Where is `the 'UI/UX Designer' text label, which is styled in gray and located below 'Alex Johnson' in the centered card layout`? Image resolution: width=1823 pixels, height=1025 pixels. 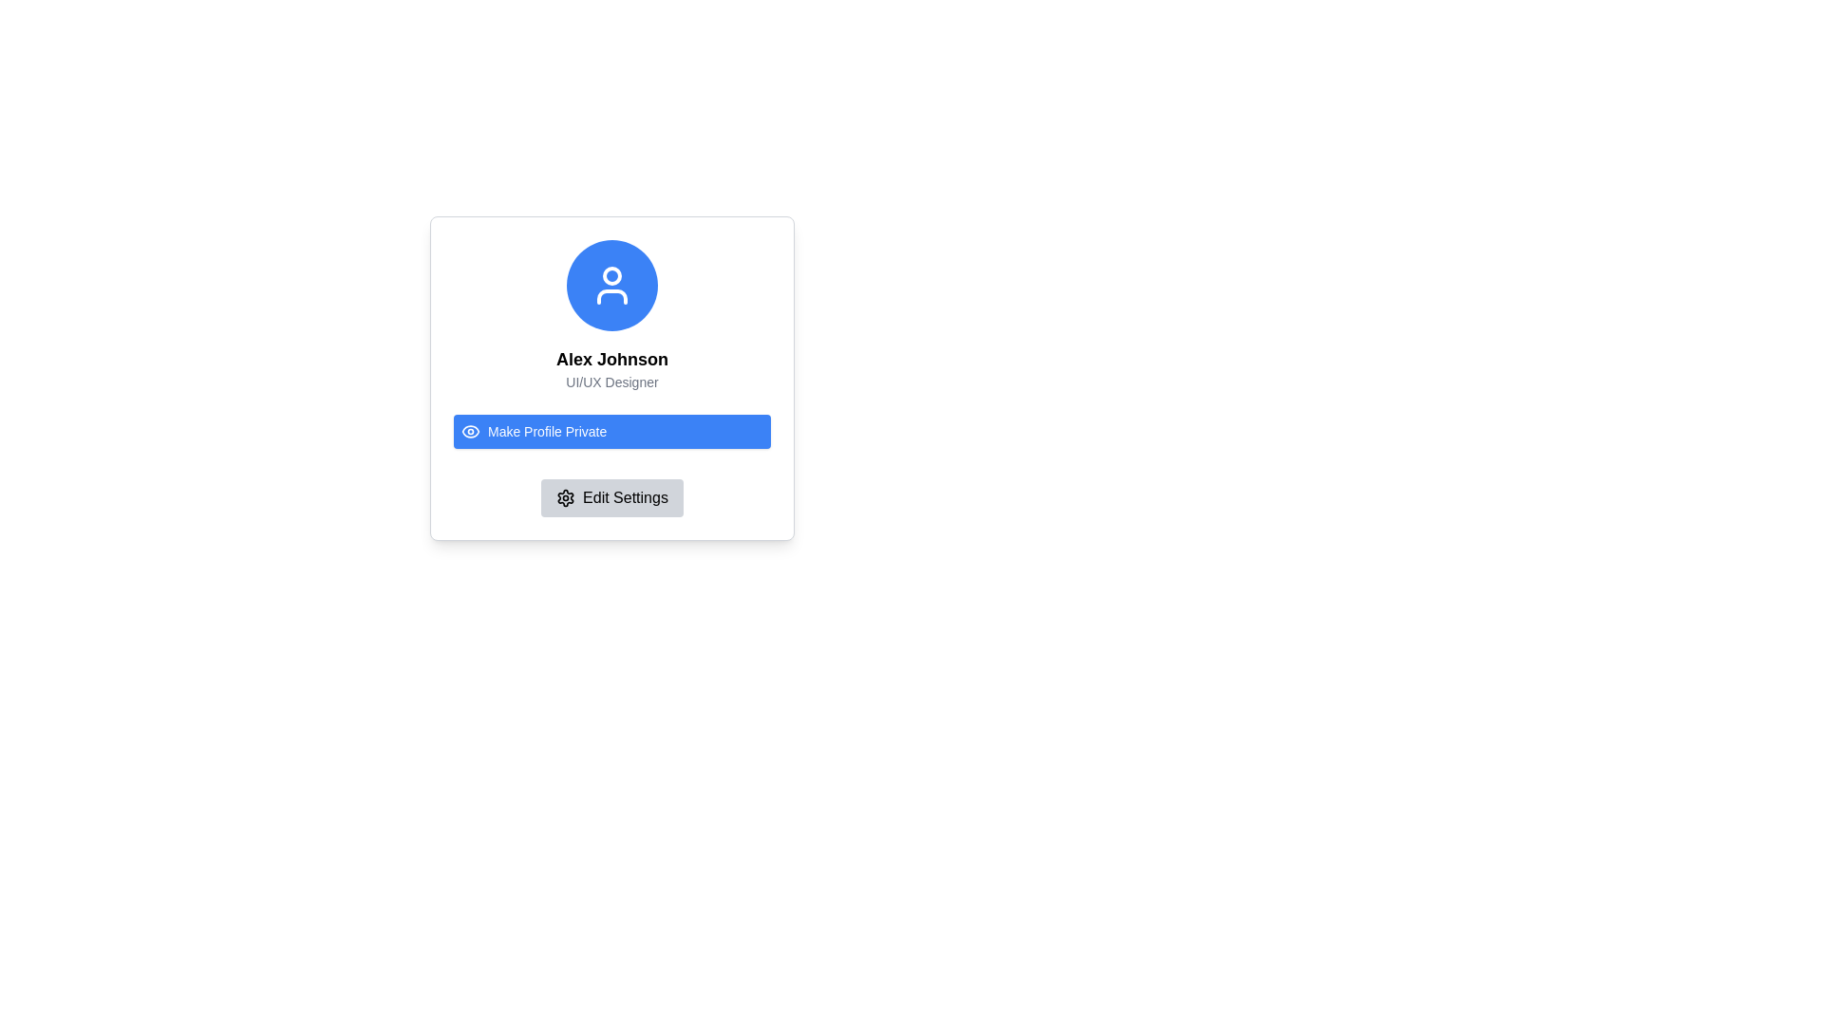 the 'UI/UX Designer' text label, which is styled in gray and located below 'Alex Johnson' in the centered card layout is located at coordinates (611, 382).